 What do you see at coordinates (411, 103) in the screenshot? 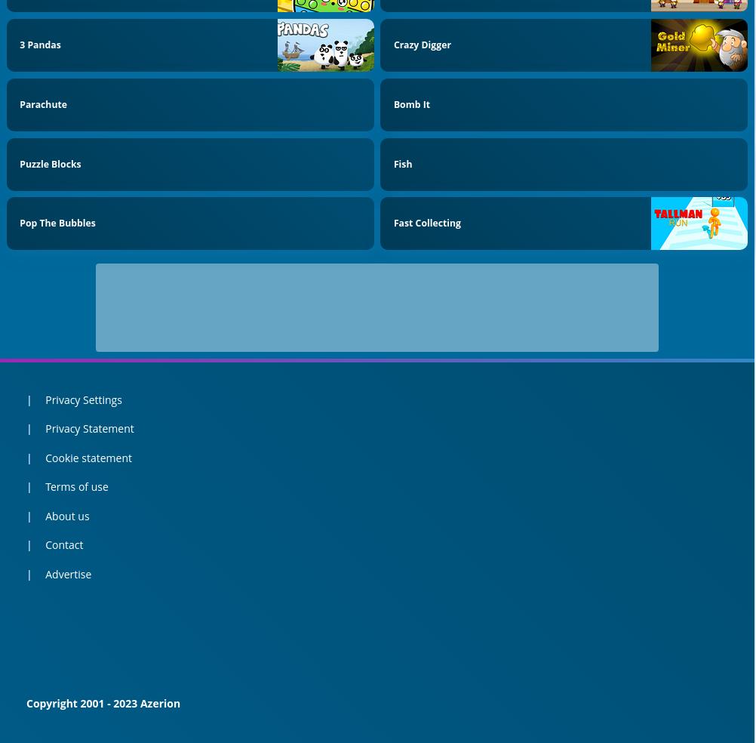
I see `'Bomb It'` at bounding box center [411, 103].